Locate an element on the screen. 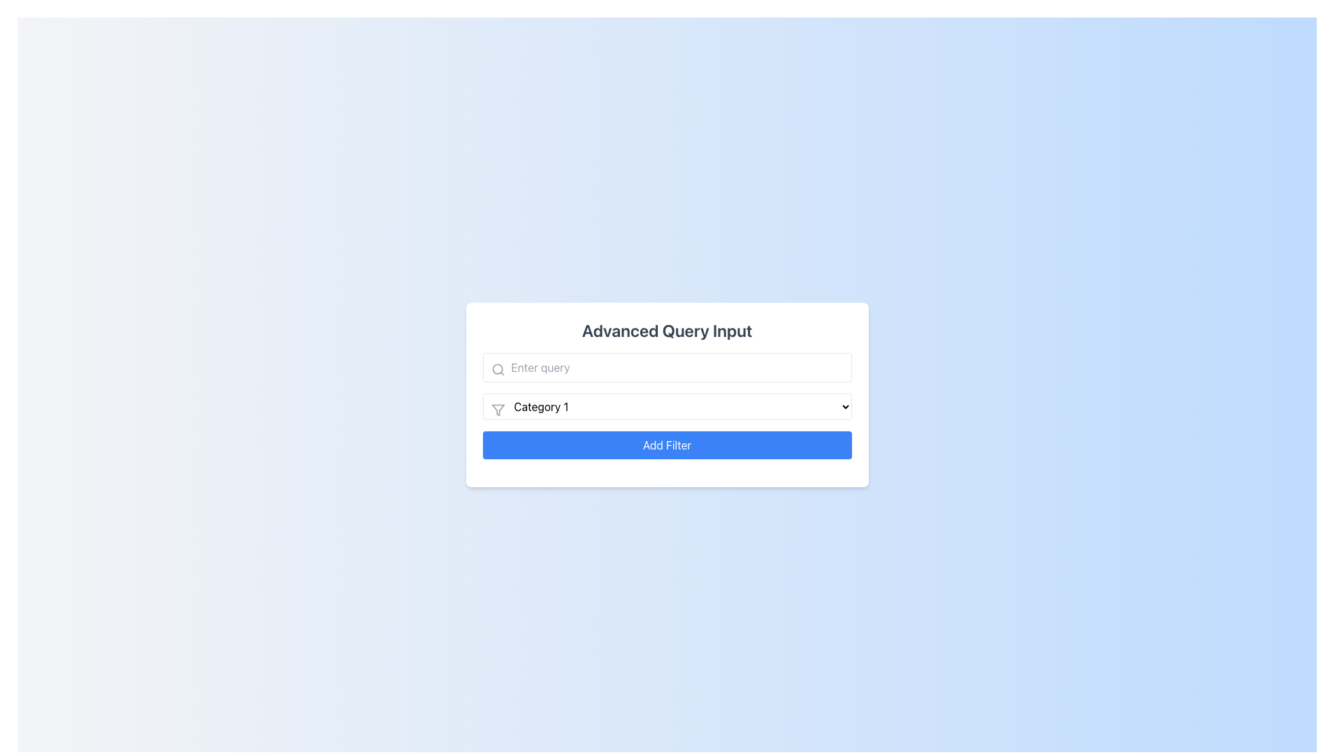 This screenshot has height=755, width=1342. the filter options in the 'Advanced Query Input' card, specifically the dropdown selector initialized with 'Category 1' is located at coordinates (666, 394).